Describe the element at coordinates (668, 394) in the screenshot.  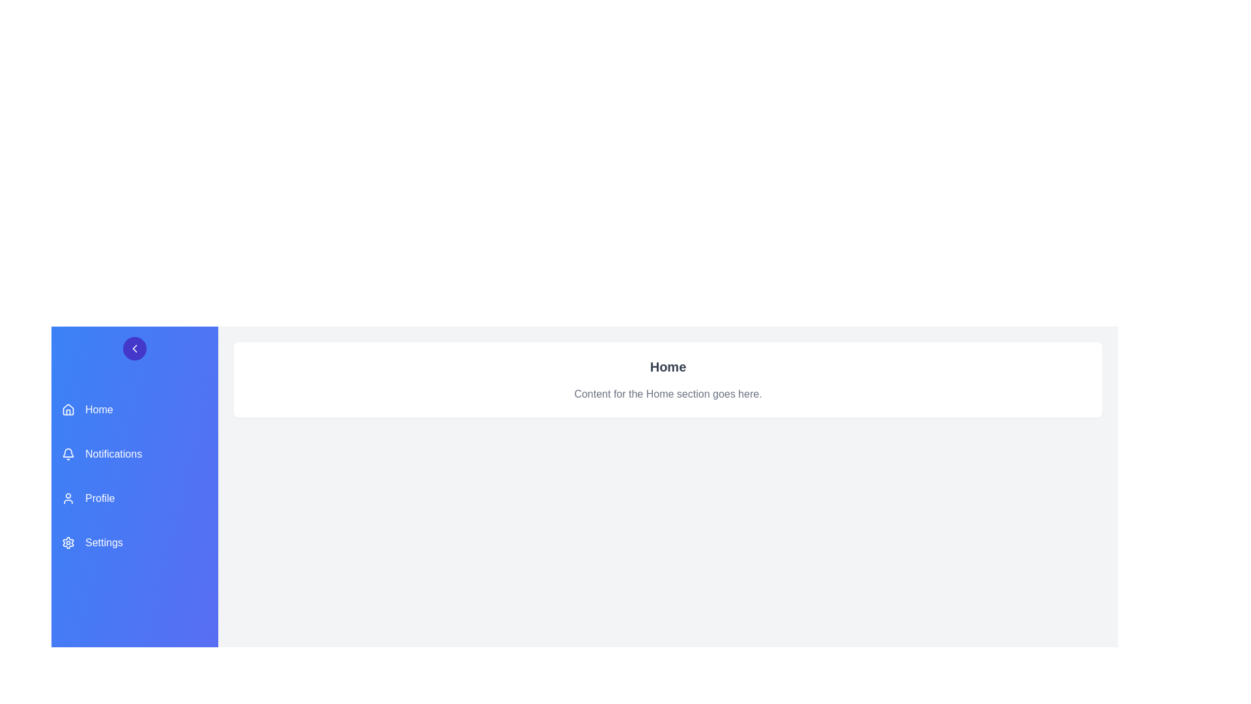
I see `the line of text that reads 'Content for the Home section goes here.' which is styled in a gray font and is located below the bold heading 'Home'` at that location.